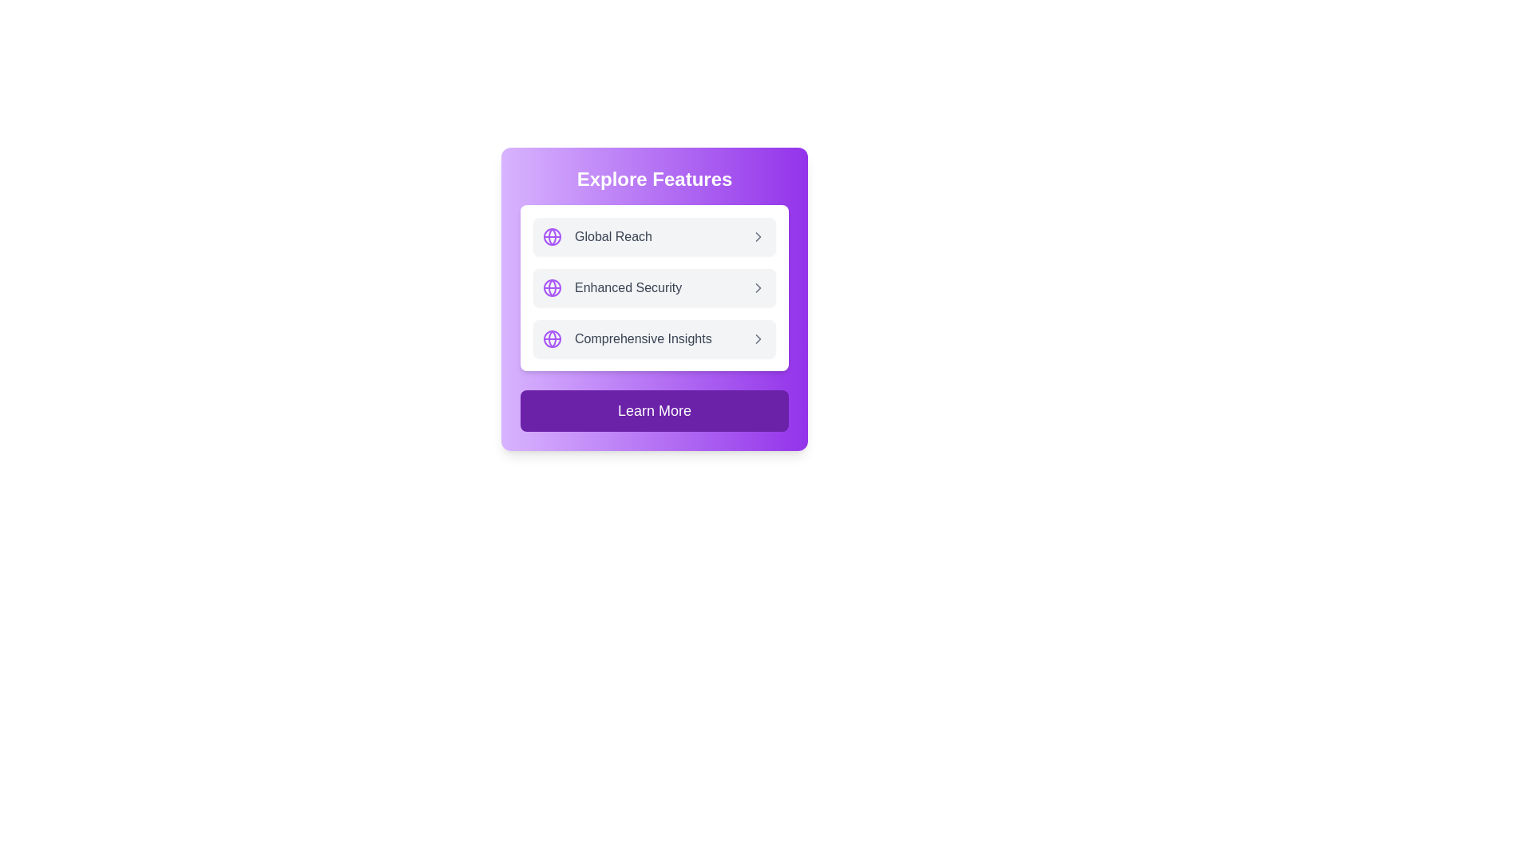 The height and width of the screenshot is (862, 1533). What do you see at coordinates (552, 288) in the screenshot?
I see `the central SVG circle of the 'Enhanced Security' feature icon, which is part of the 'Explore Features' list on a purple background` at bounding box center [552, 288].